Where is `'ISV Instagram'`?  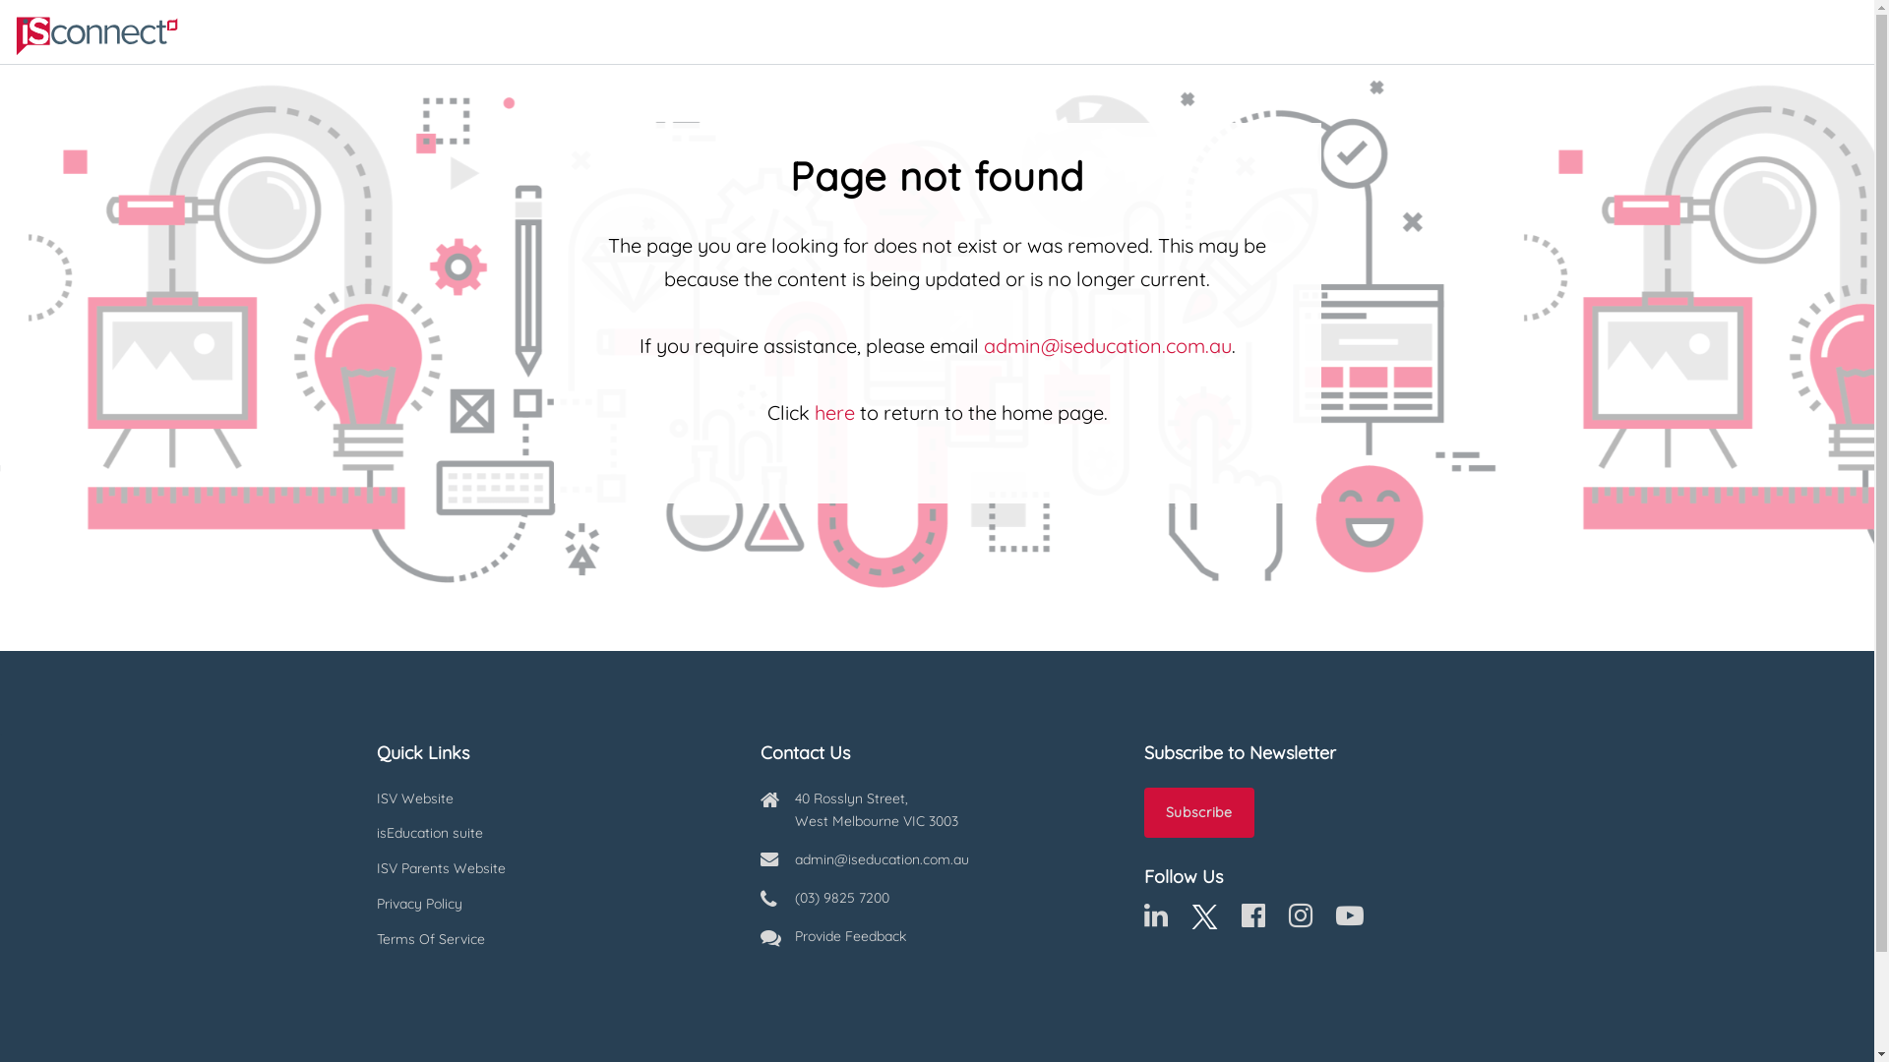
'ISV Instagram' is located at coordinates (1289, 920).